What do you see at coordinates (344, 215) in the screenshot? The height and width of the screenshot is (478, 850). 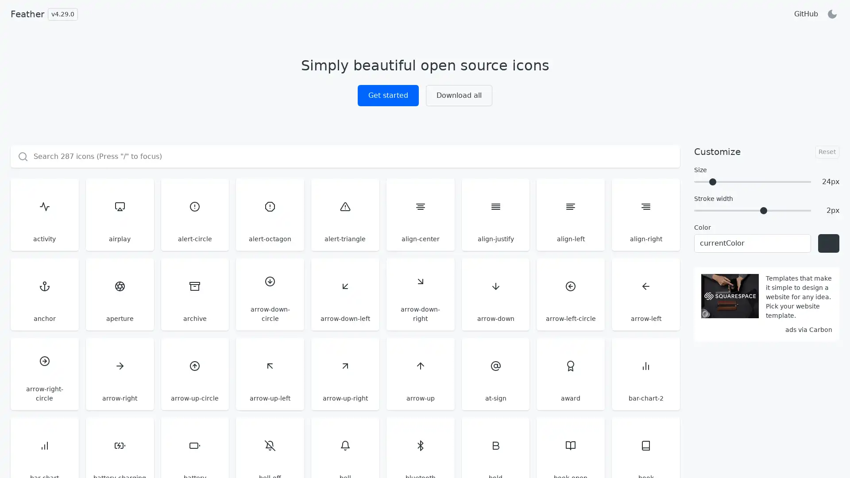 I see `alert-triangle` at bounding box center [344, 215].